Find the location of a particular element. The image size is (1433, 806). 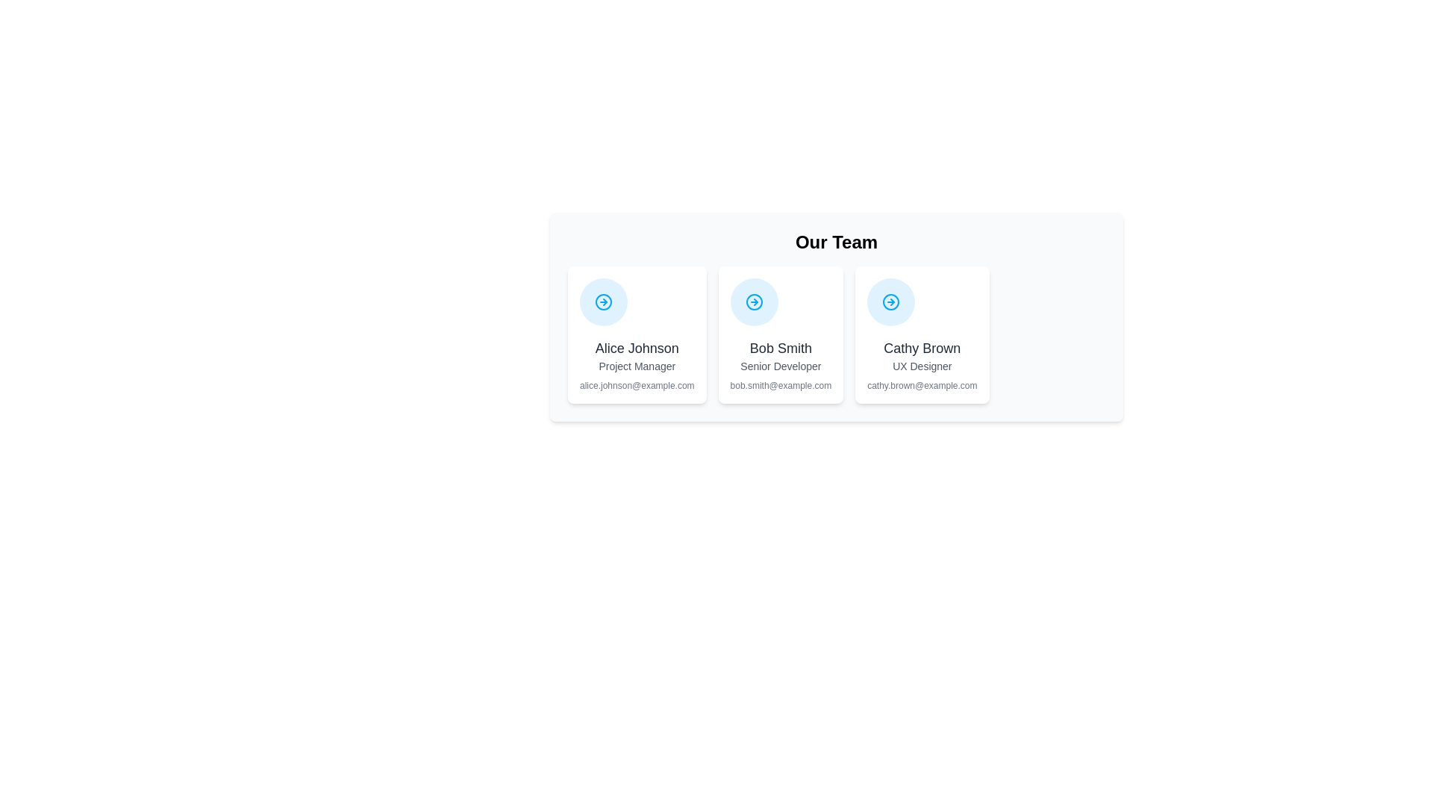

the circular icon with a blue border and a rightward arrow, located in the profile section for team member 'Cathy Brown, UX Designer' is located at coordinates (891, 302).